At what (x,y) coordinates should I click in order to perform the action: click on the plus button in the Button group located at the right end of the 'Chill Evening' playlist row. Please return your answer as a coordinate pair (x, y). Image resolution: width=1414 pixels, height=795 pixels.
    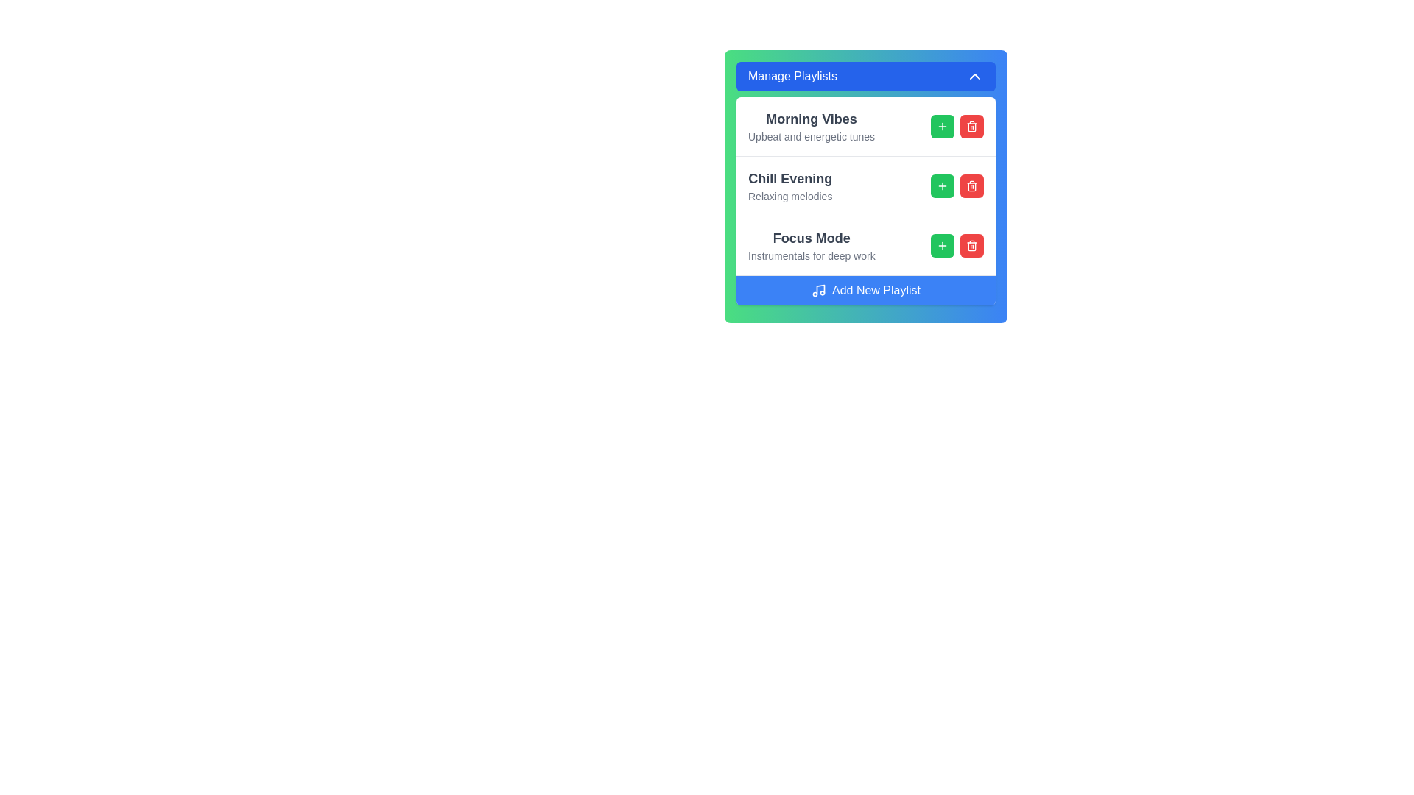
    Looking at the image, I should click on (957, 185).